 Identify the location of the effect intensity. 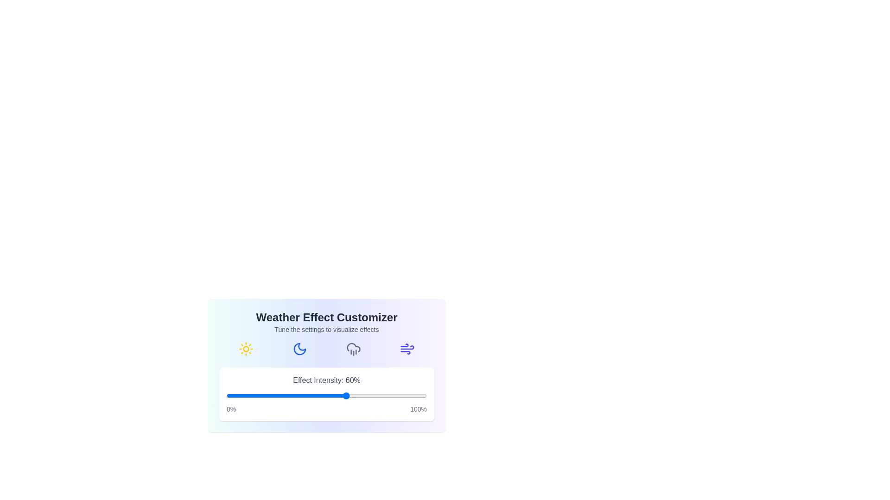
(242, 396).